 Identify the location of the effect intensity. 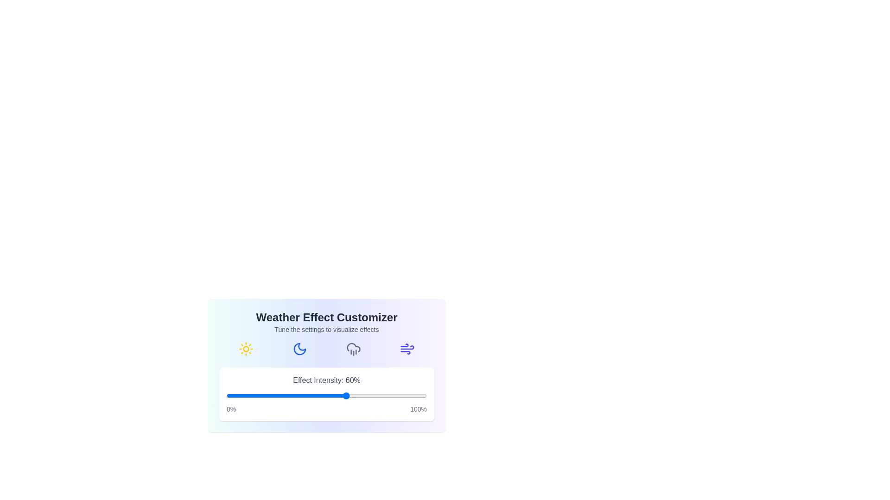
(242, 396).